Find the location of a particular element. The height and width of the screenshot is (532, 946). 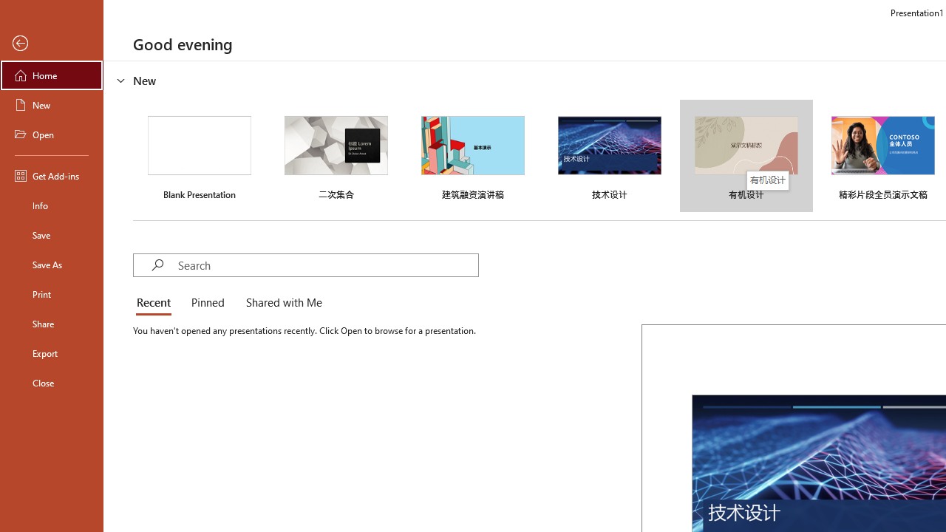

'Hide or show region' is located at coordinates (121, 81).